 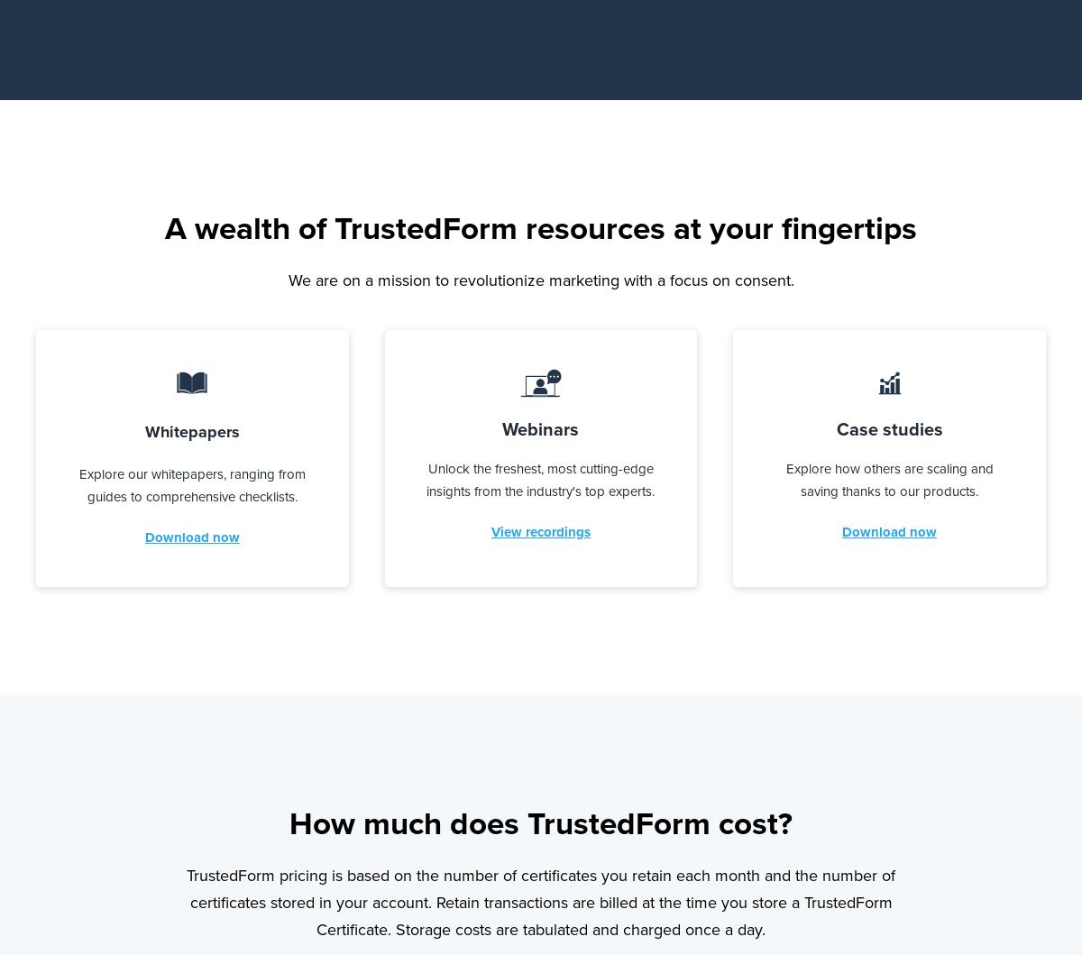 What do you see at coordinates (541, 822) in the screenshot?
I see `'How much does TrustedForm cost?'` at bounding box center [541, 822].